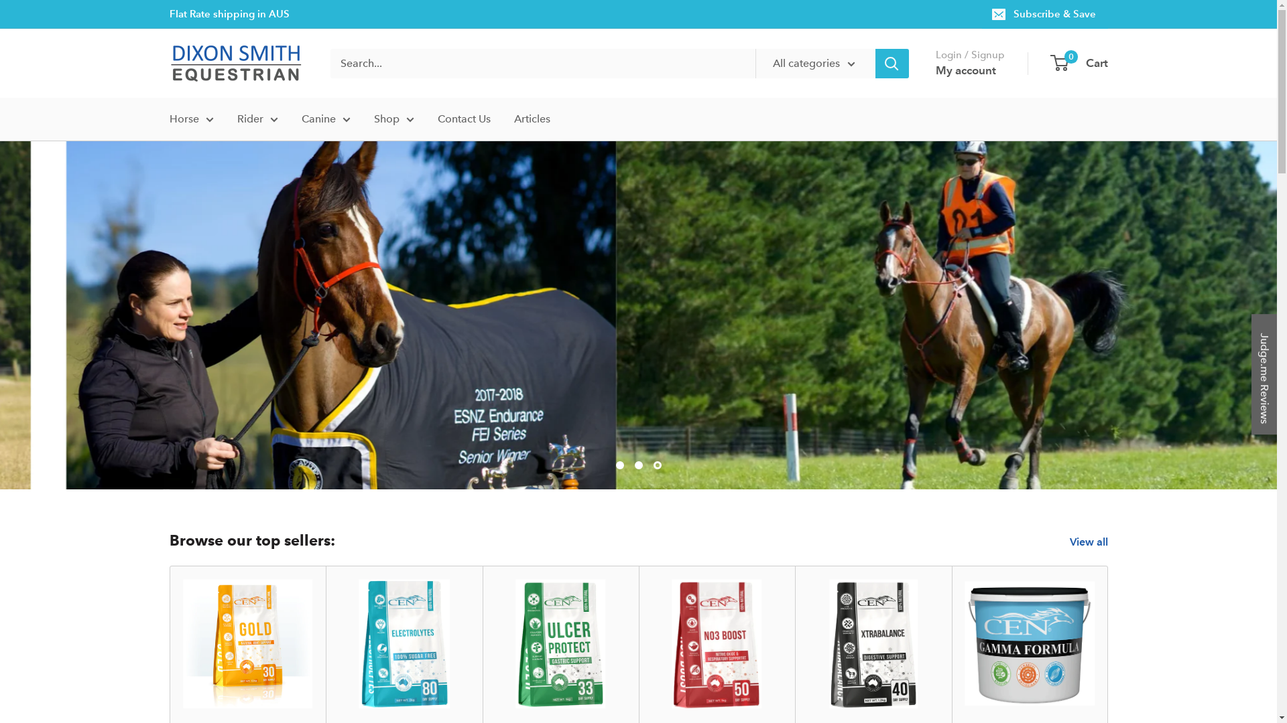  Describe the element at coordinates (235, 63) in the screenshot. I see `'Dixon Smith Equestrian'` at that location.